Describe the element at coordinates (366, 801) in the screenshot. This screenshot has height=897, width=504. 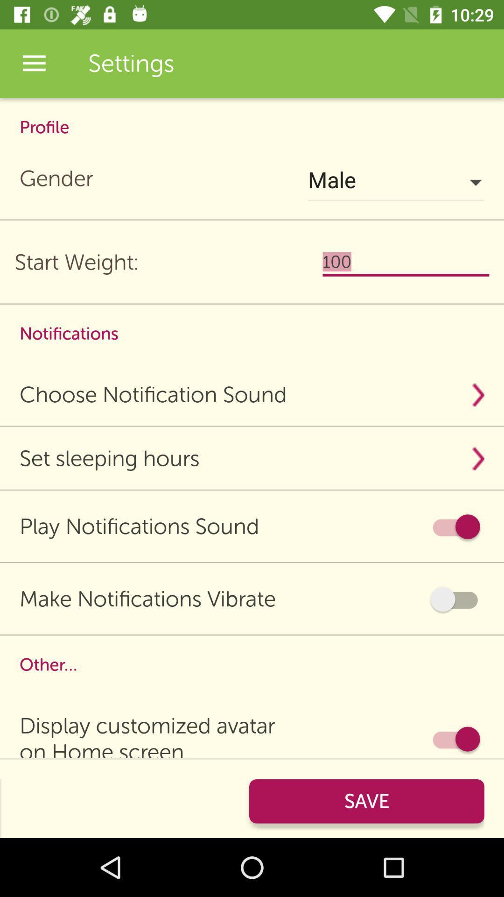
I see `the pink button which is at bottom right corner of the page` at that location.